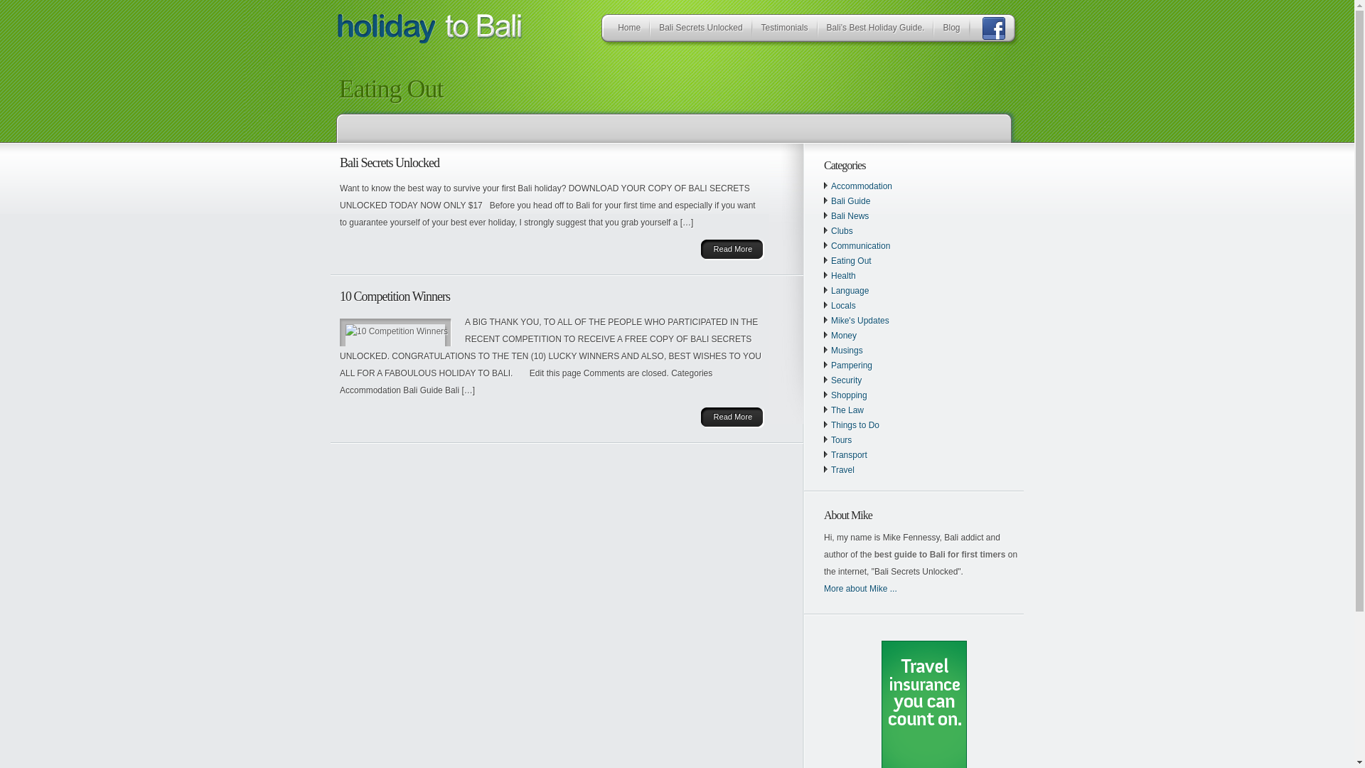 This screenshot has height=768, width=1365. Describe the element at coordinates (860, 245) in the screenshot. I see `'Communication'` at that location.